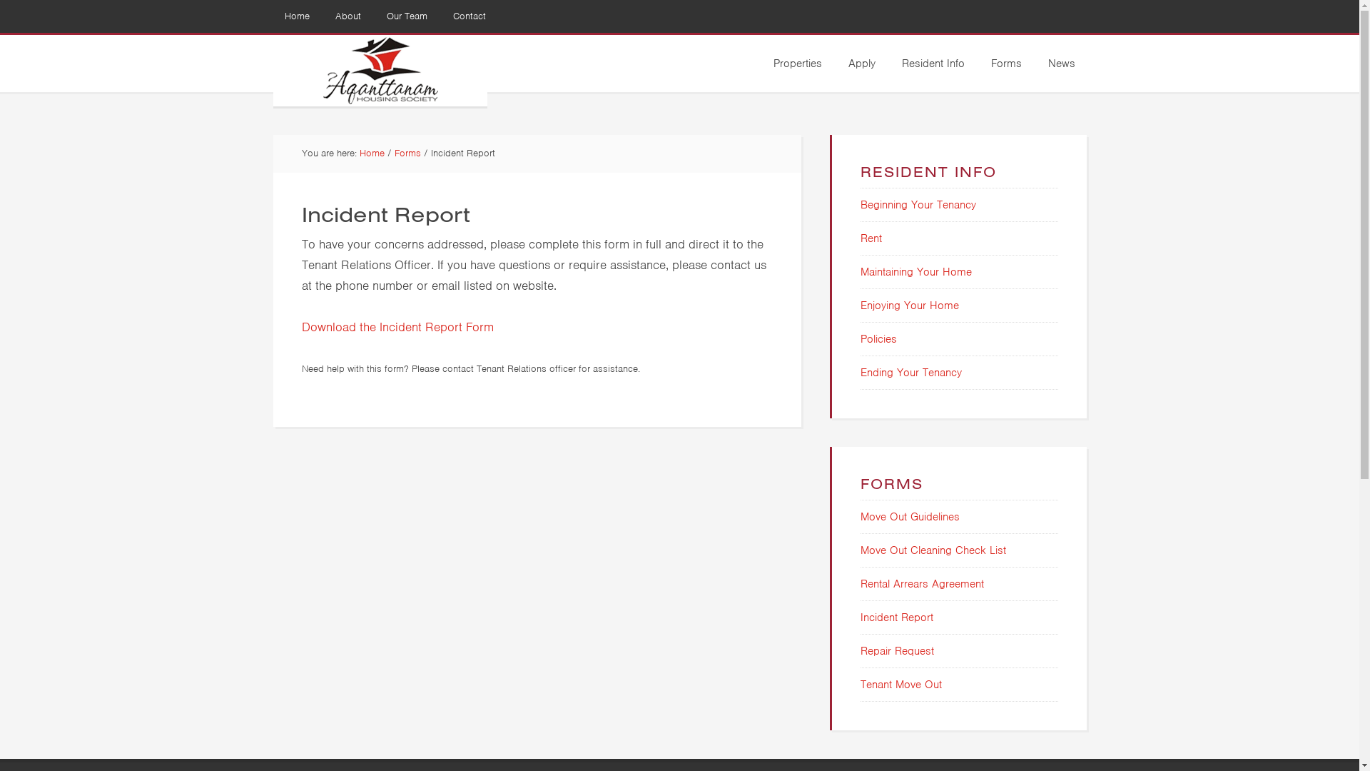  I want to click on 'Download the Incident Report Form', so click(397, 326).